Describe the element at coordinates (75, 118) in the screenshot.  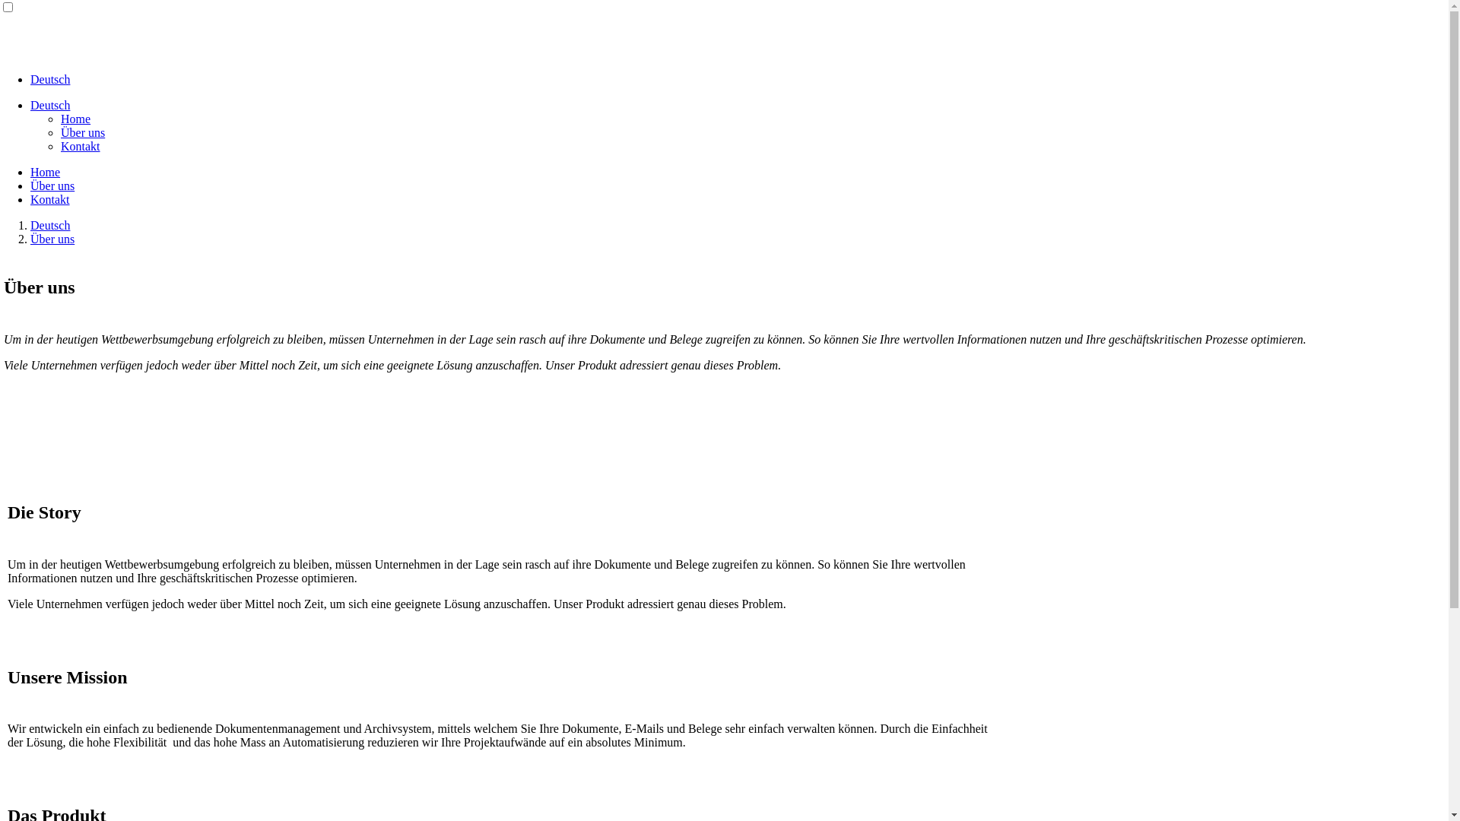
I see `'Home'` at that location.